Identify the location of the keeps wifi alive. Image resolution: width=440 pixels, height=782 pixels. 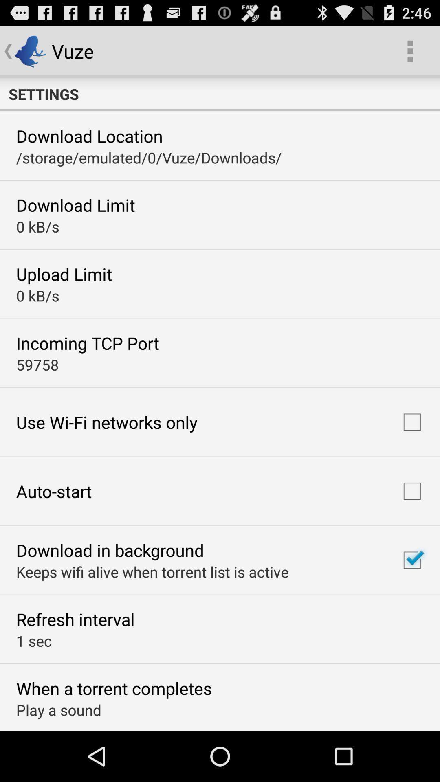
(152, 571).